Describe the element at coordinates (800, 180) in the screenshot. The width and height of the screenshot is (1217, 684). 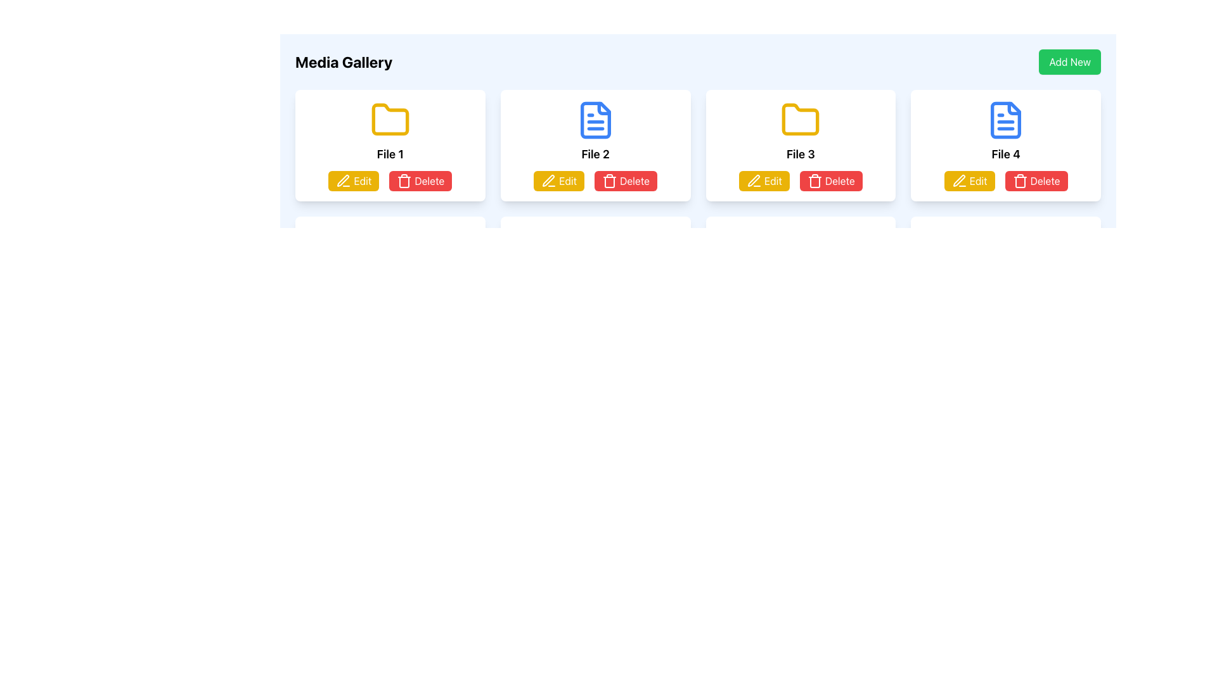
I see `the group of buttons labeled 'Edit' and 'Delete' located in the 'File 3' section` at that location.